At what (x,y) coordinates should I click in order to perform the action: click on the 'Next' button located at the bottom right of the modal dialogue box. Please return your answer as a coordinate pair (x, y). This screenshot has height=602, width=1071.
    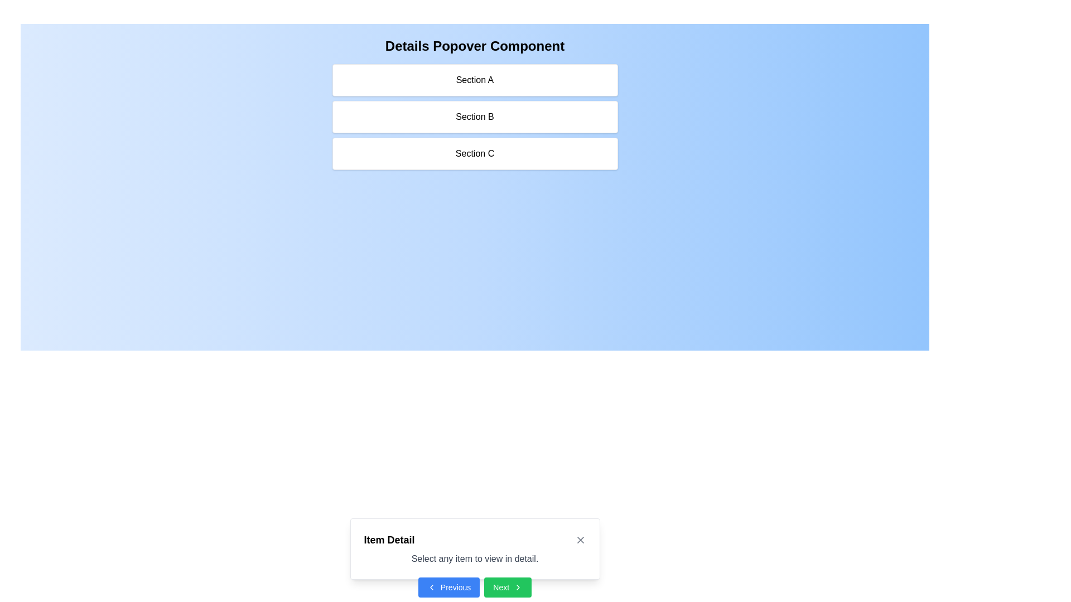
    Looking at the image, I should click on (507, 586).